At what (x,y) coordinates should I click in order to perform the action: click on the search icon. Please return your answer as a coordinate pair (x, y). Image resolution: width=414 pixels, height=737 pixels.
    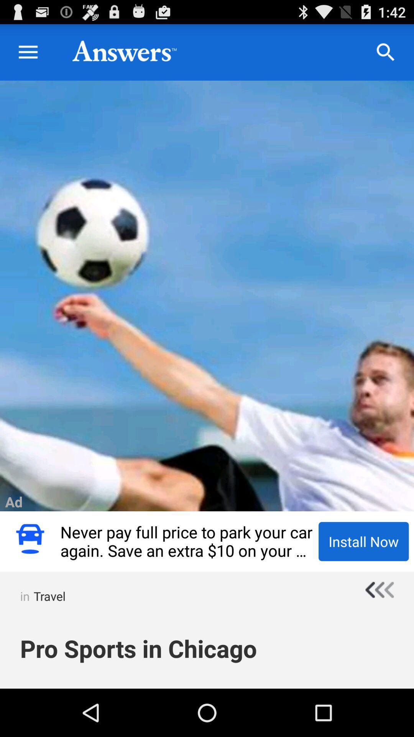
    Looking at the image, I should click on (386, 56).